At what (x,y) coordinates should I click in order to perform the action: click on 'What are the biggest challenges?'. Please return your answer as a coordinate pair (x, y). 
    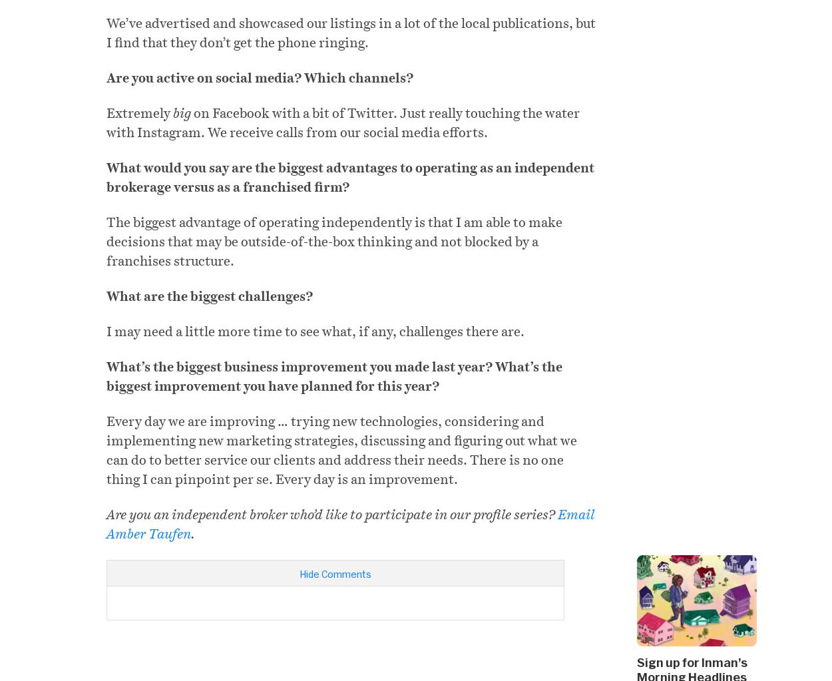
    Looking at the image, I should click on (106, 296).